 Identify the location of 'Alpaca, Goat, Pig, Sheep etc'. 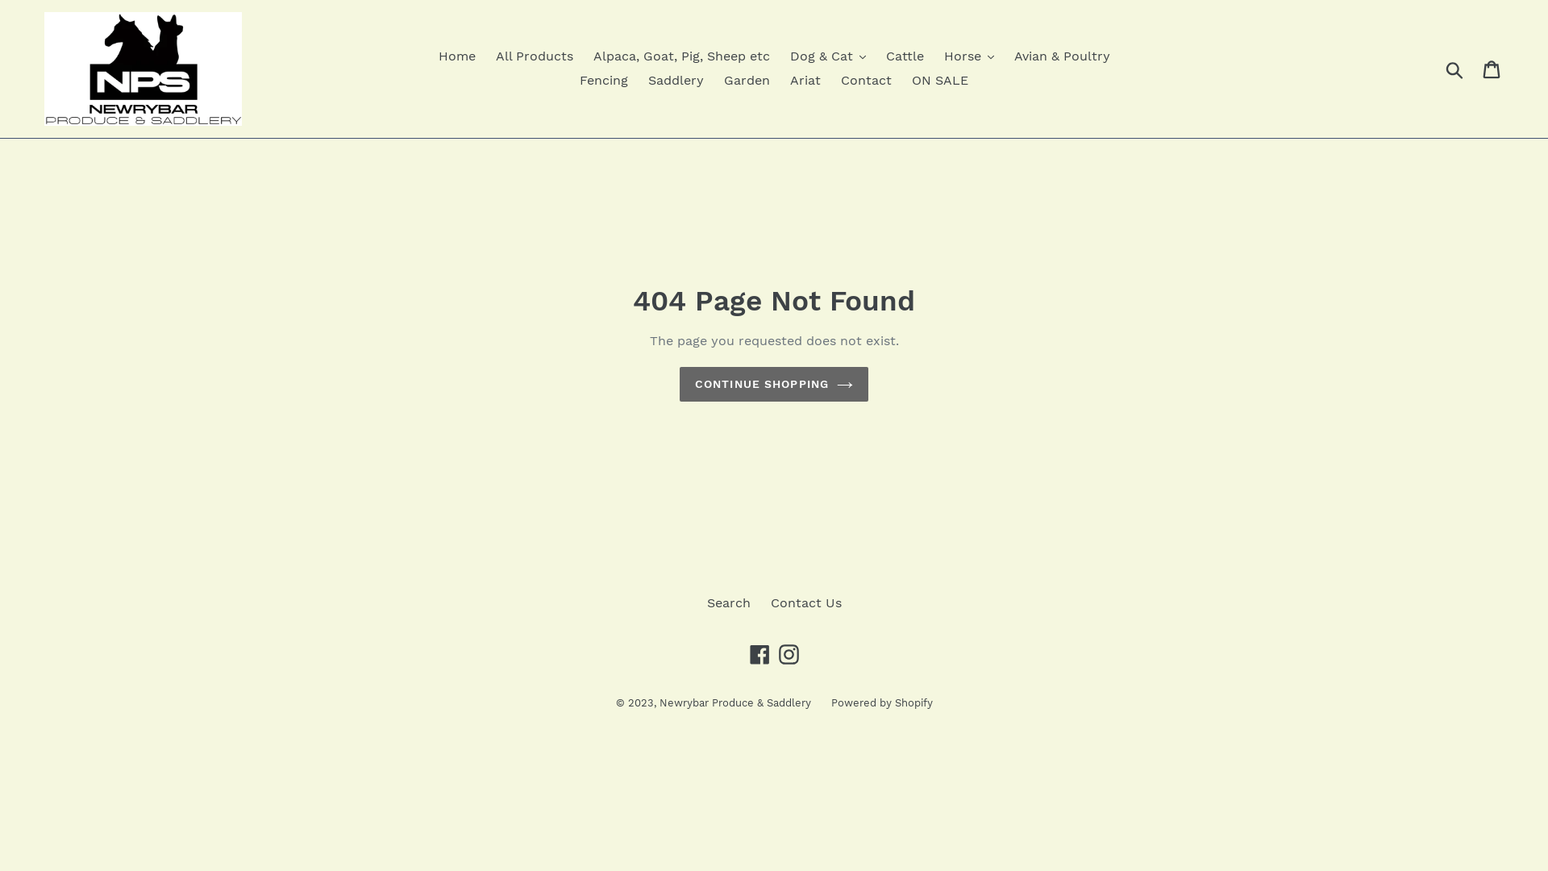
(681, 55).